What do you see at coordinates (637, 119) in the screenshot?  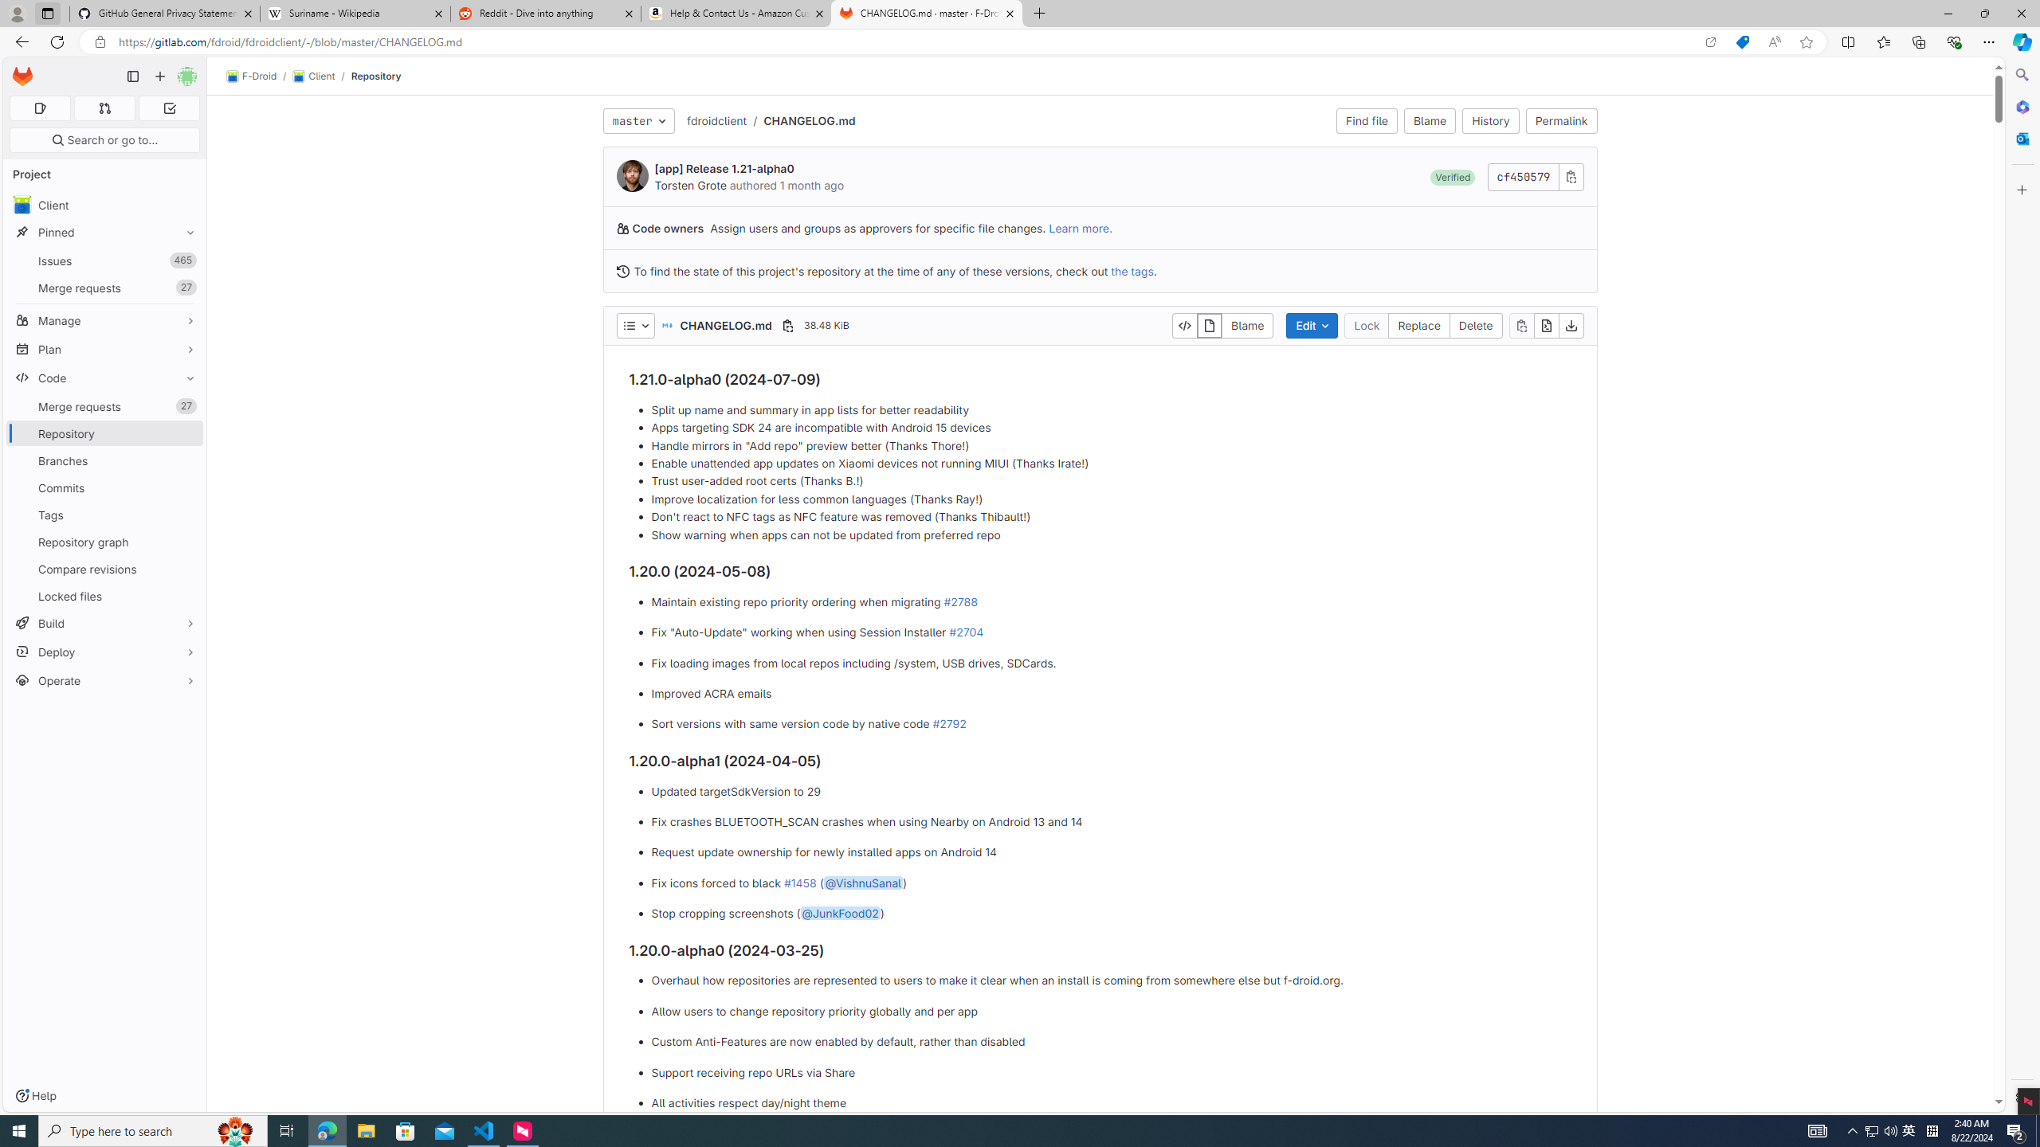 I see `'master'` at bounding box center [637, 119].